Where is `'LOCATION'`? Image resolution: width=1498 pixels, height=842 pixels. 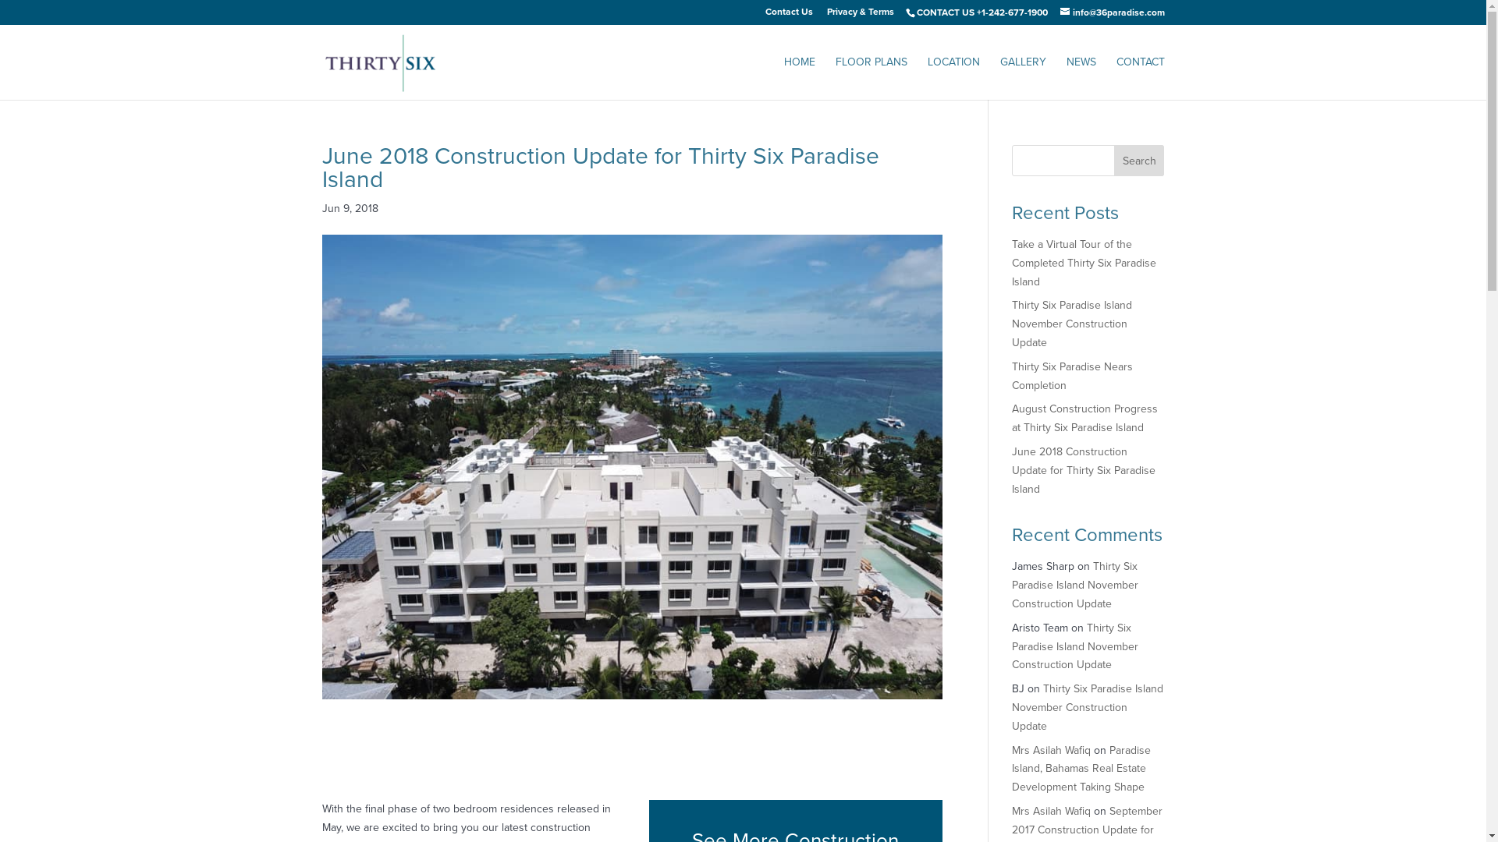 'LOCATION' is located at coordinates (927, 78).